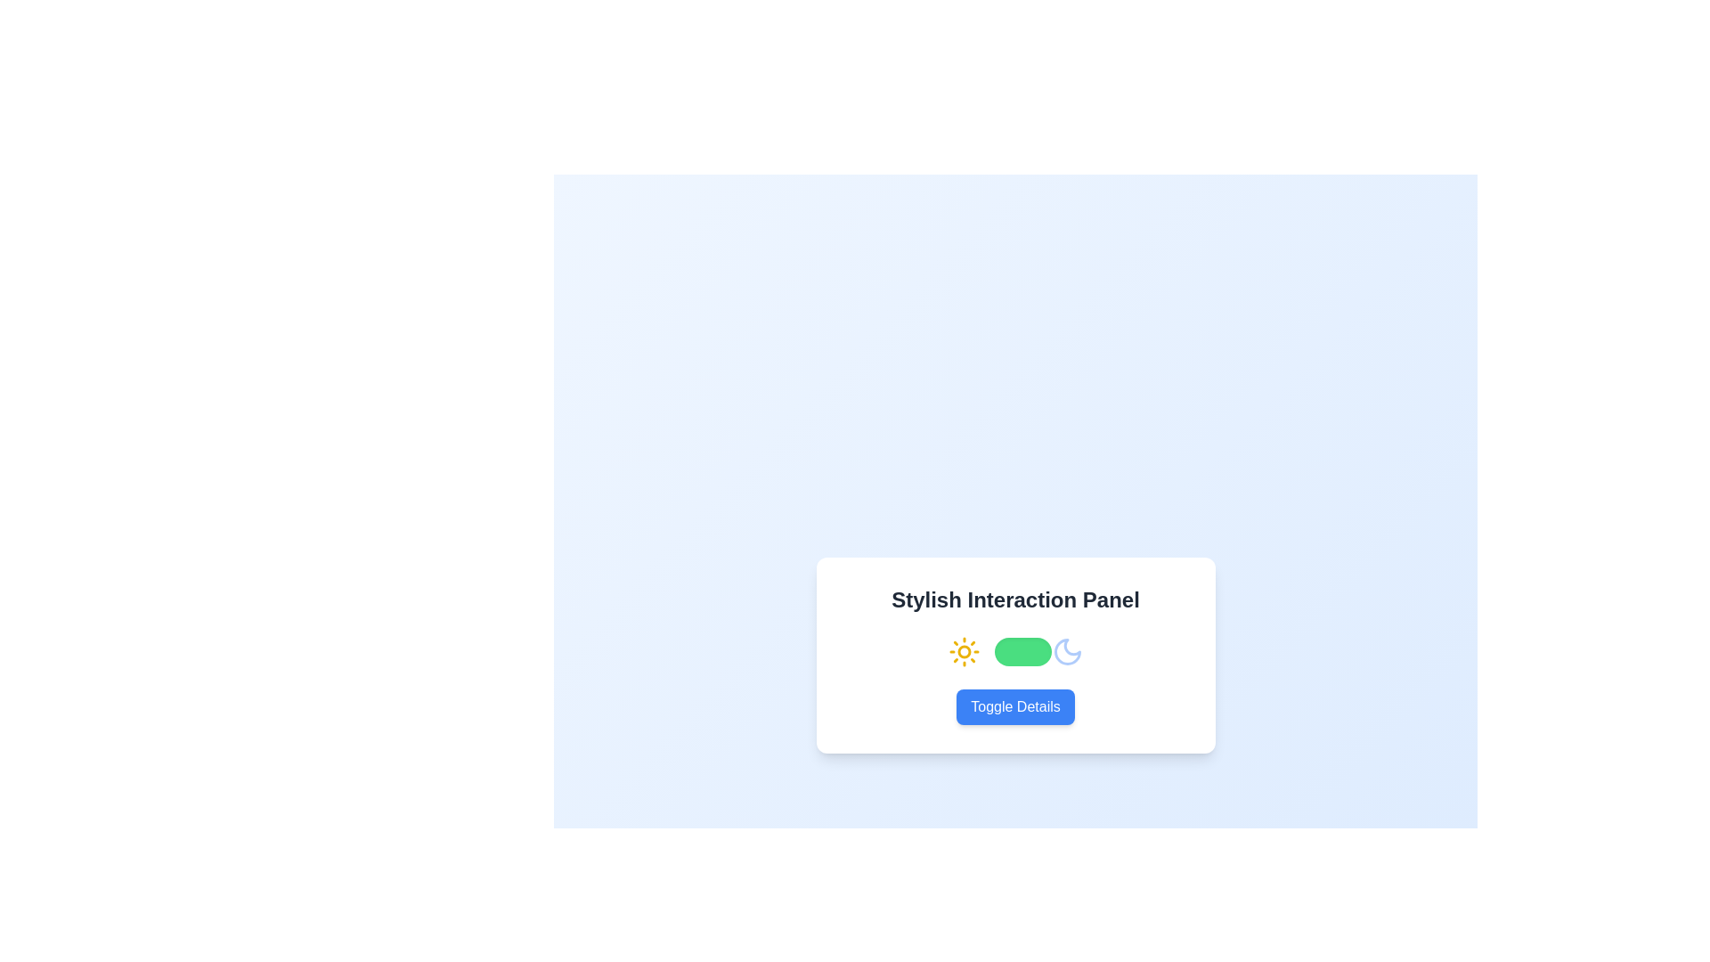  What do you see at coordinates (1067, 652) in the screenshot?
I see `the moon-shaped icon located at the rightmost side of the interactive panel` at bounding box center [1067, 652].